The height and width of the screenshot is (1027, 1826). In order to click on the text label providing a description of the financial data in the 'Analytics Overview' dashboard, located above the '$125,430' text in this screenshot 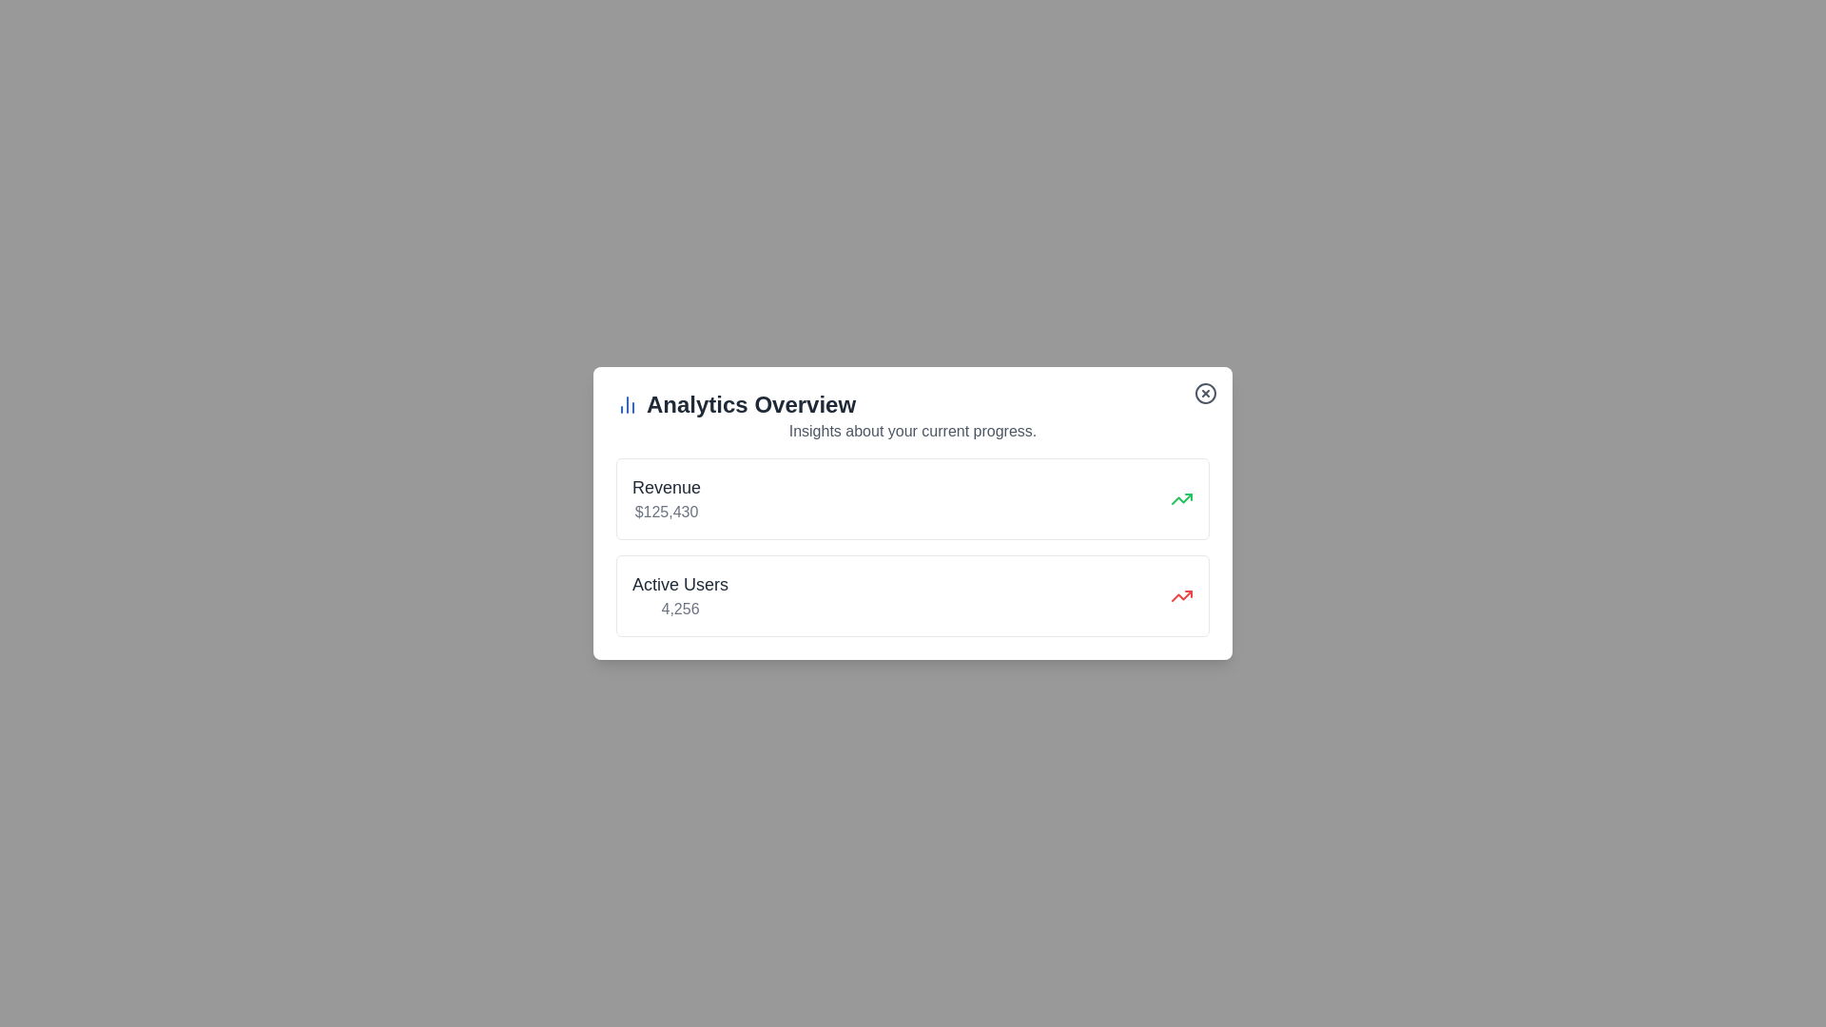, I will do `click(666, 487)`.